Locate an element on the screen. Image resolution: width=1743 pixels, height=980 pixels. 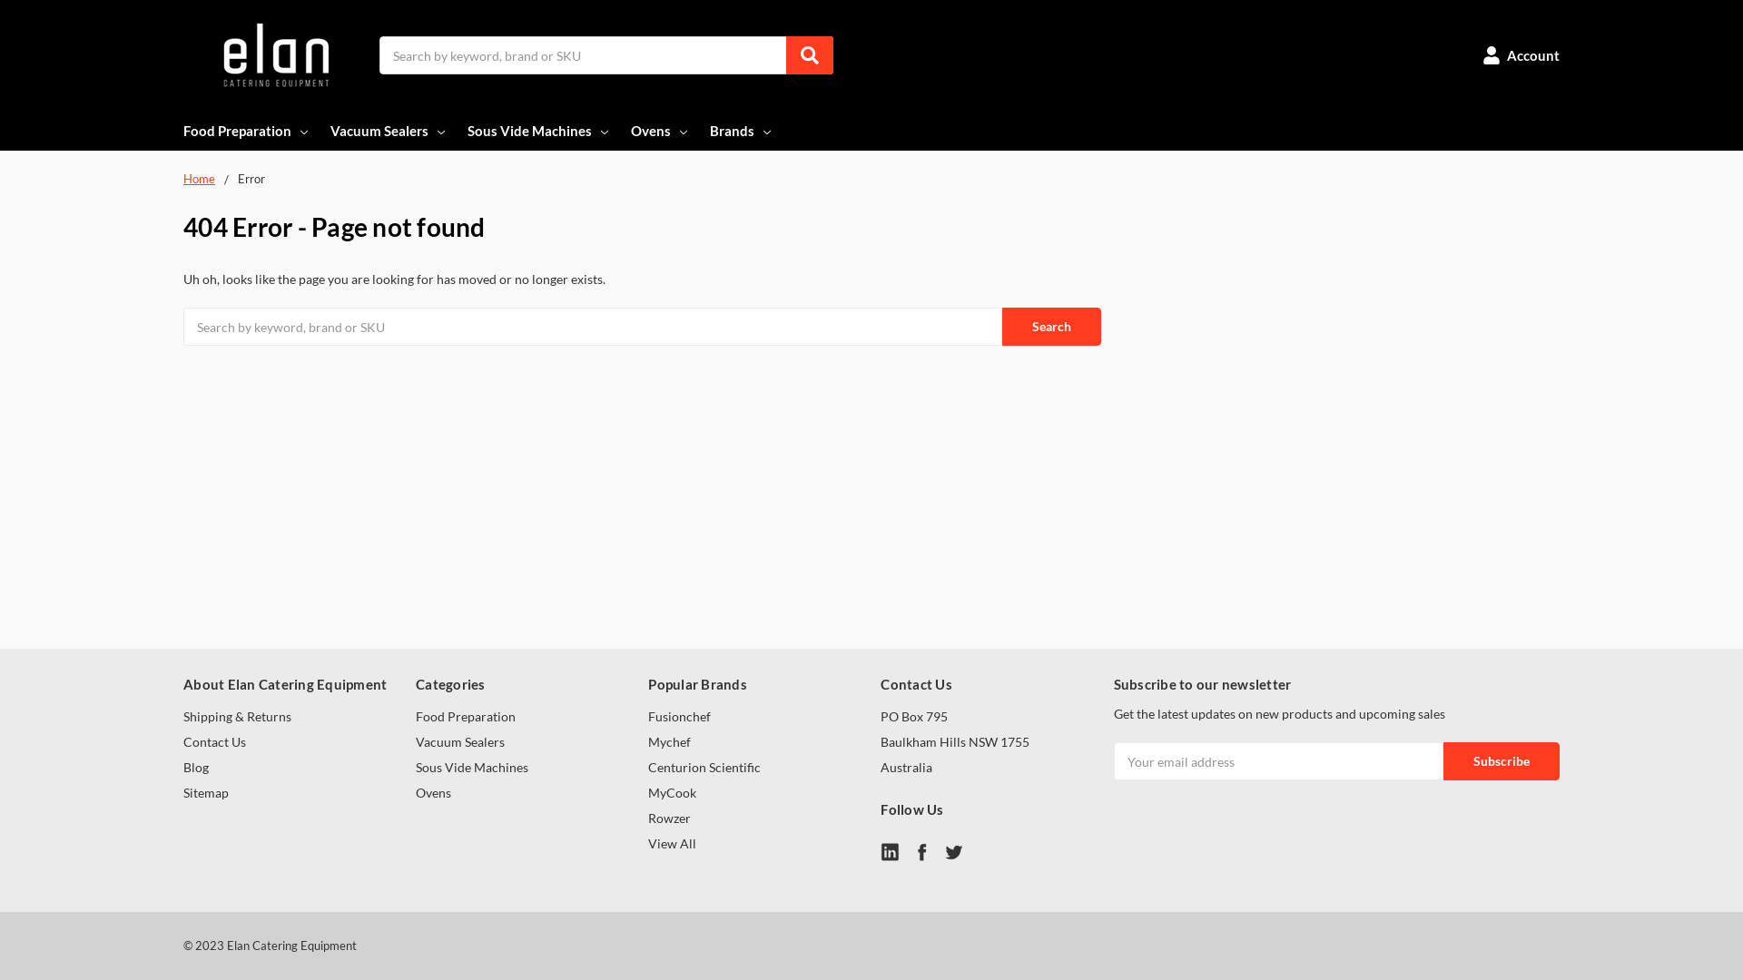
'Home' is located at coordinates (199, 178).